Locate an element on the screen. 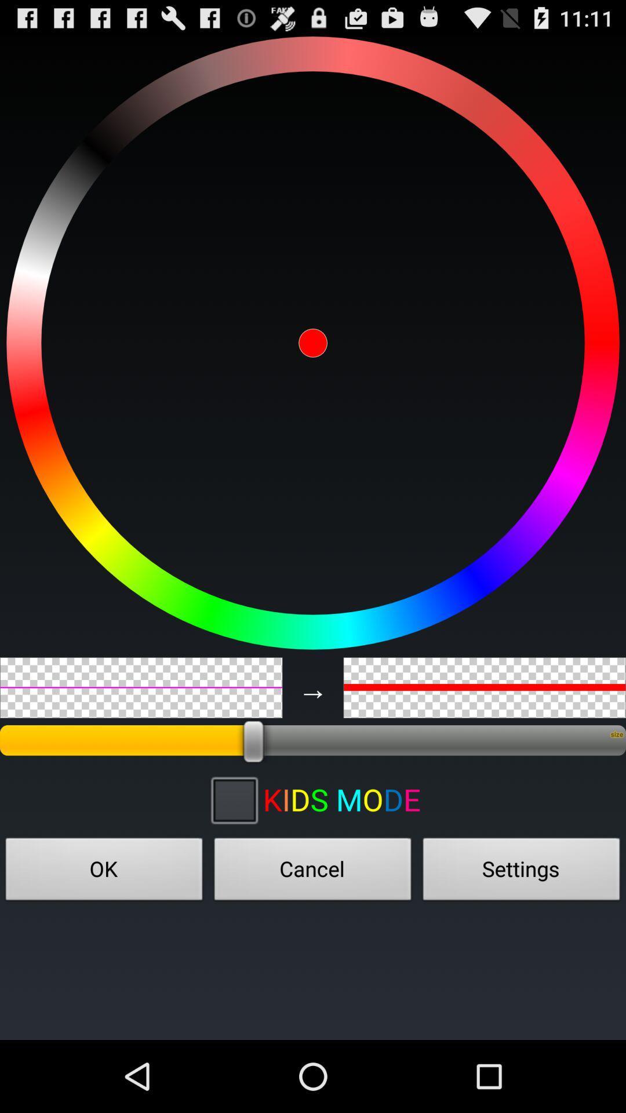  the settings at the bottom right corner is located at coordinates (521, 872).